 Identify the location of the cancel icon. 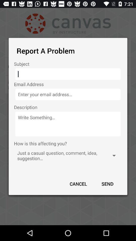
(78, 184).